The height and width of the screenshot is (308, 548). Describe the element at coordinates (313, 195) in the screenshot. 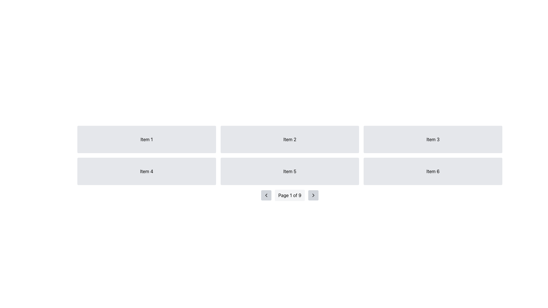

I see `the small square-shaped button with a light gray background and a right-pointing arrow icon` at that location.